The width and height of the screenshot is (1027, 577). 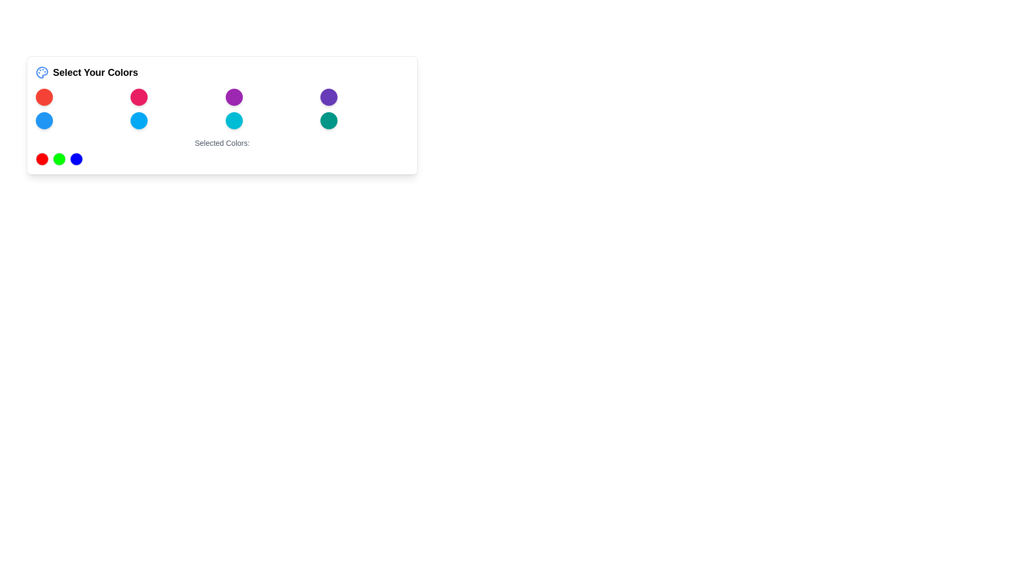 What do you see at coordinates (221, 115) in the screenshot?
I see `color selection interface element located in the modal, which allows users to pick colors from a grid` at bounding box center [221, 115].